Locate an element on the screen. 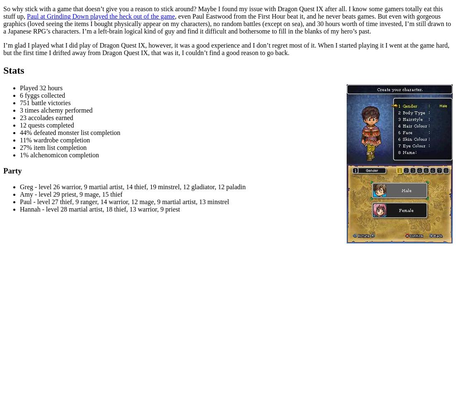 The height and width of the screenshot is (414, 456). 'I’m glad I played what I did play of Dragon Quest IX, however, it was a good experience and I don’t regret most of it. When I started playing it I went at the game hard, but the first time I drifted away from Dragon Quest IX, that was it, I couldn’t find a good reason to go back.' is located at coordinates (226, 48).